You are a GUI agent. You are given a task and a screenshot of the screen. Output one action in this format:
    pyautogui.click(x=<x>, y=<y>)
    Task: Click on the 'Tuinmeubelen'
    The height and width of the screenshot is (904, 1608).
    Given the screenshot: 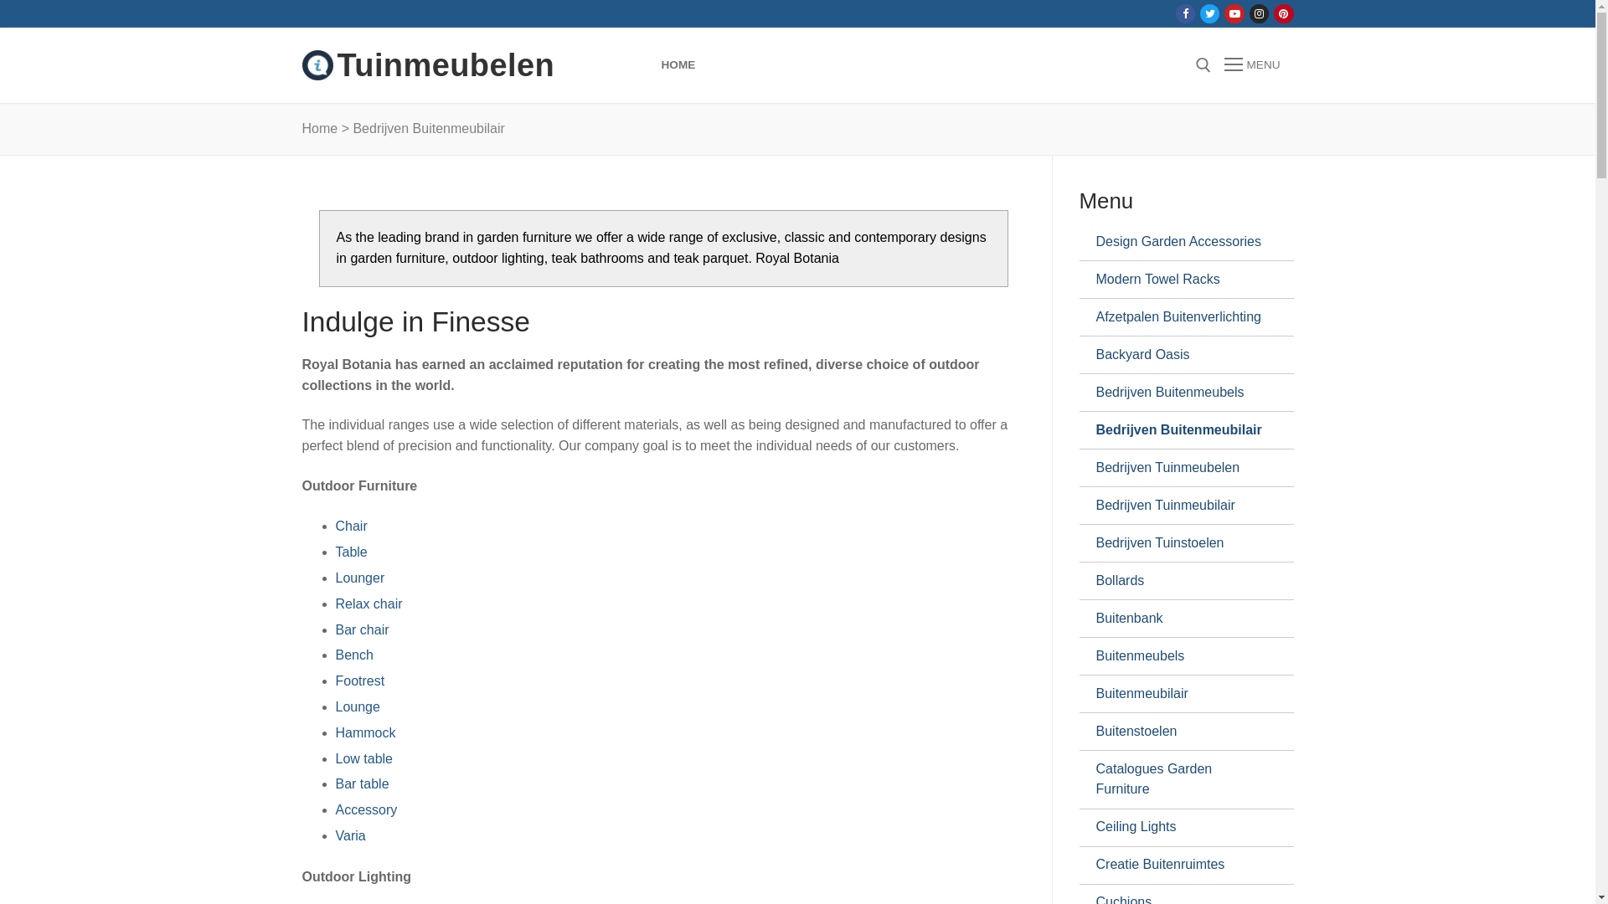 What is the action you would take?
    pyautogui.click(x=336, y=64)
    